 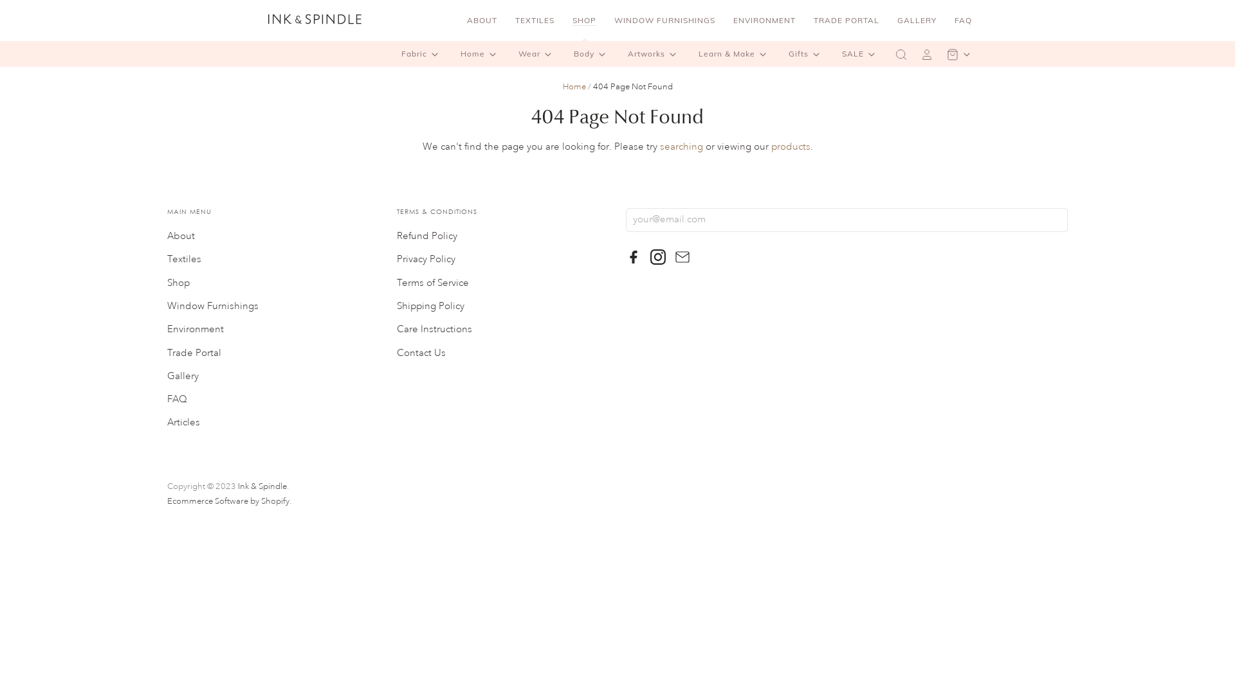 What do you see at coordinates (396, 306) in the screenshot?
I see `'Shipping Policy'` at bounding box center [396, 306].